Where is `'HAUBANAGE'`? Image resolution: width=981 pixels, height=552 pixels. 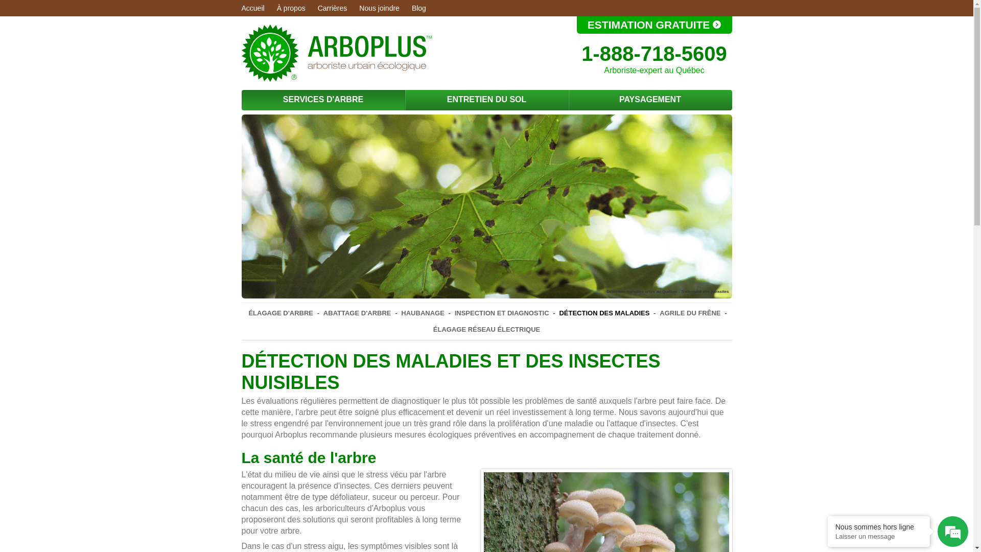
'HAUBANAGE' is located at coordinates (399, 312).